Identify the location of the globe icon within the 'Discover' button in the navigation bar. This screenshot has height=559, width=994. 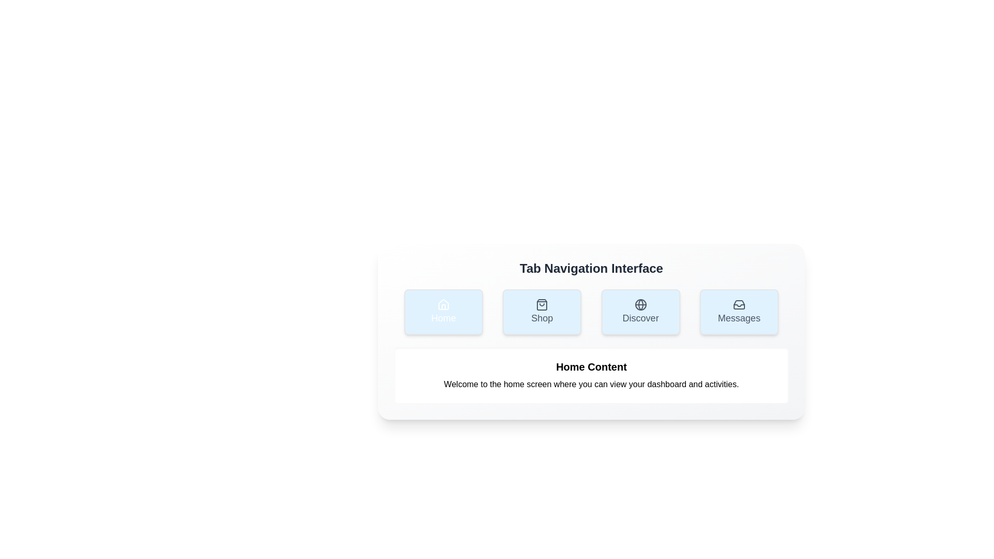
(640, 304).